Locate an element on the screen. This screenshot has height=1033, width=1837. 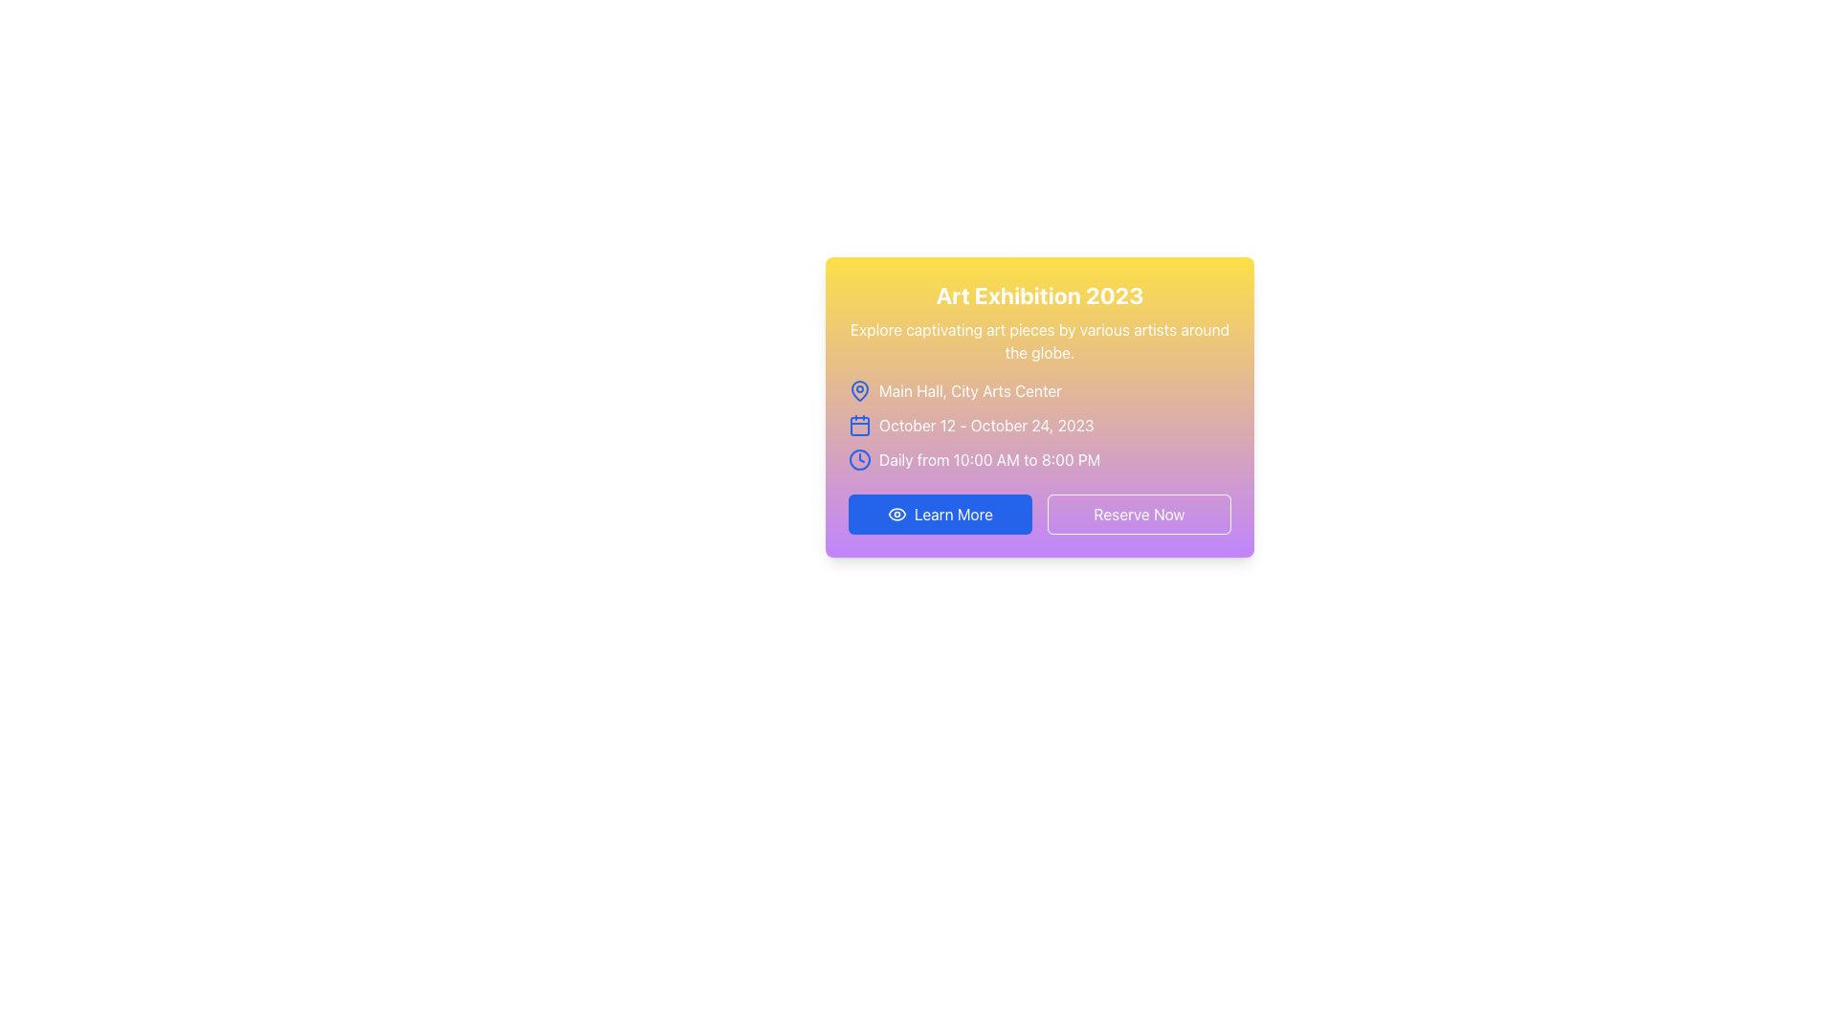
the 'Learn More' button, which is a blue button with white bold text, to observe its hover effect is located at coordinates (954, 513).